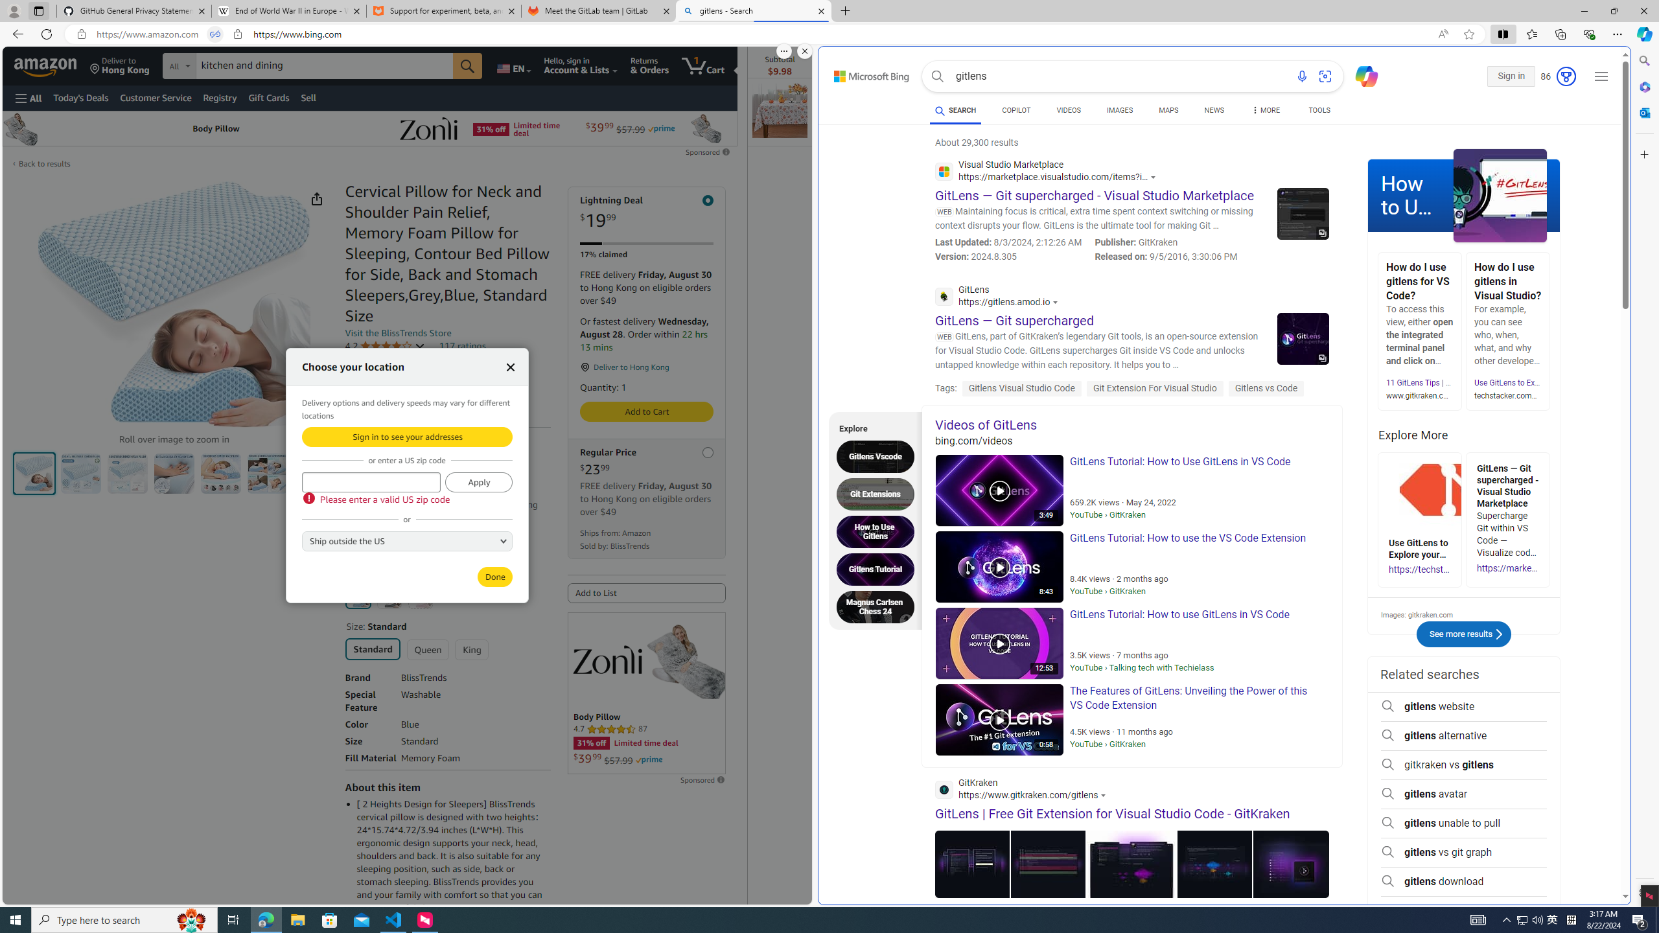 This screenshot has width=1659, height=933. Describe the element at coordinates (1165, 256) in the screenshot. I see `'Released on: 9/5/2016, 3:30:06 PM'` at that location.